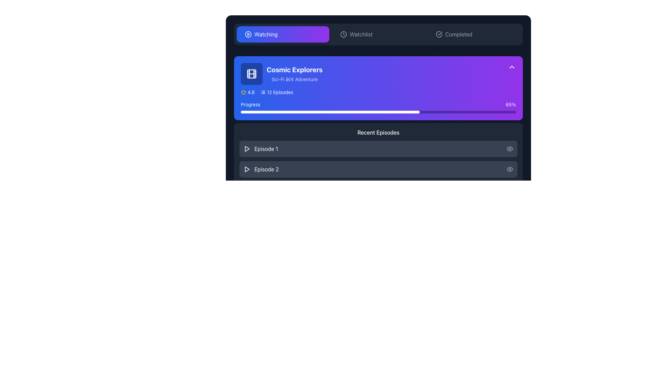 This screenshot has width=654, height=368. What do you see at coordinates (266, 148) in the screenshot?
I see `the text label indicating the first episode in the list under the 'Recent Episodes' heading, positioned to the right of the play icon` at bounding box center [266, 148].